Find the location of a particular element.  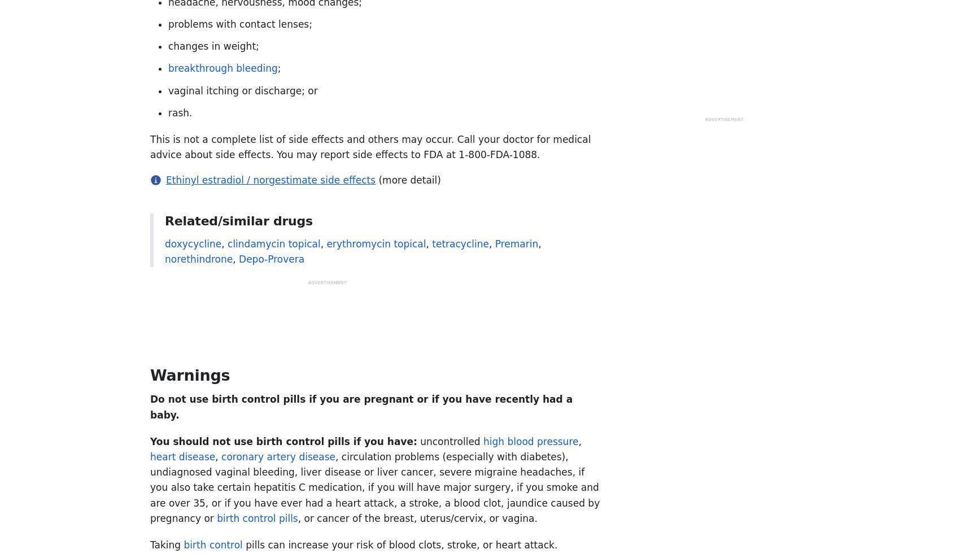

', circulation problems (especially with diabetes), undiagnosed vaginal bleeding, liver disease or liver cancer, severe migraine headaches, if you also take certain hepatitis C medication, if you will have major surgery, if you smoke and are over 35, or if you have ever had a heart attack, a stroke, a blood clot, jaundice caused by pregnancy or' is located at coordinates (375, 487).